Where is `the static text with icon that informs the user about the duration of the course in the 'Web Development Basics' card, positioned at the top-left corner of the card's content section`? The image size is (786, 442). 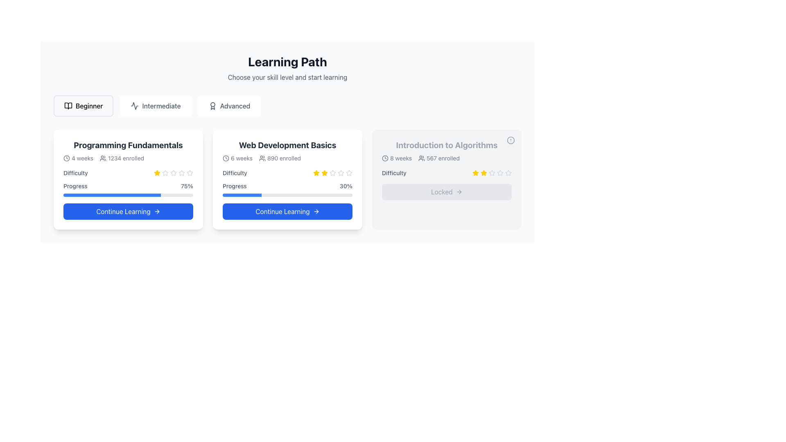 the static text with icon that informs the user about the duration of the course in the 'Web Development Basics' card, positioned at the top-left corner of the card's content section is located at coordinates (237, 158).